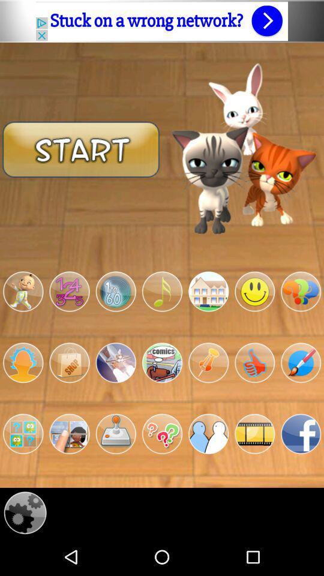  I want to click on the last image, so click(300, 433).